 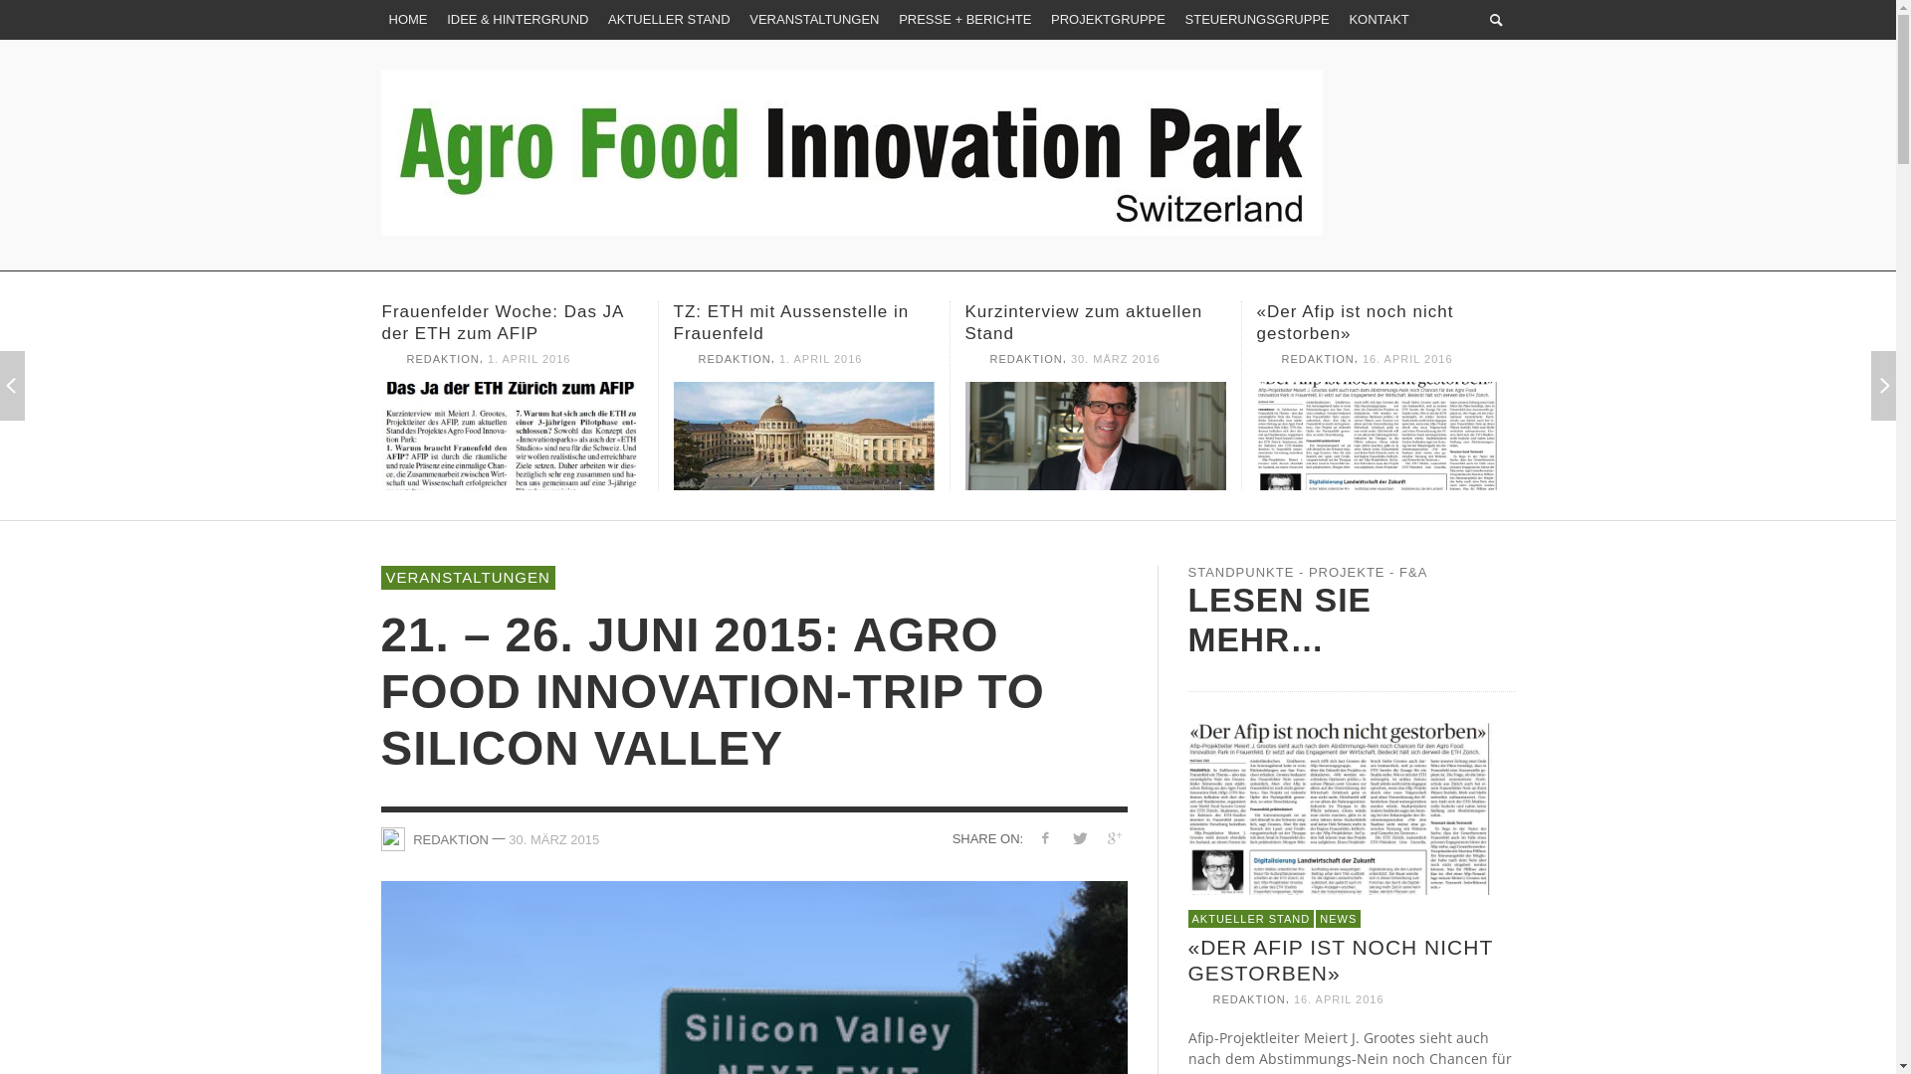 I want to click on 'NEWS', so click(x=1338, y=919).